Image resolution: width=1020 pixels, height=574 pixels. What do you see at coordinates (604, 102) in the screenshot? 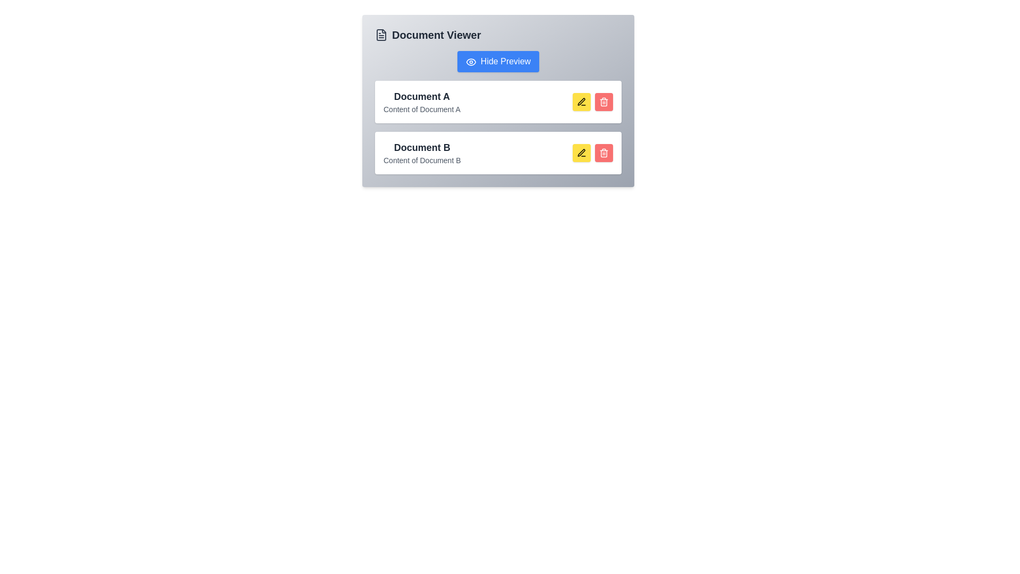
I see `the delete icon button located to the far right of the 'Document A' row` at bounding box center [604, 102].